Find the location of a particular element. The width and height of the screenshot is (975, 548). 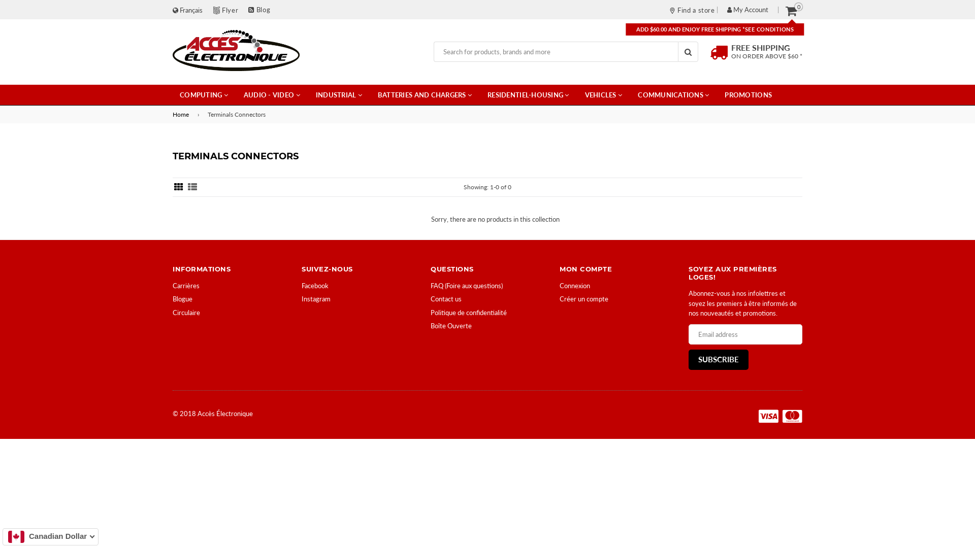

'PROMOTIONS' is located at coordinates (748, 94).